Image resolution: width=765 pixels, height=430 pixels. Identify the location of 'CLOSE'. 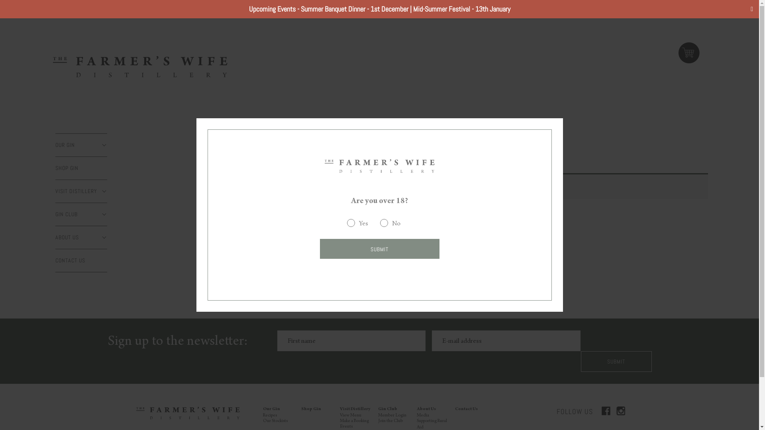
(101, 145).